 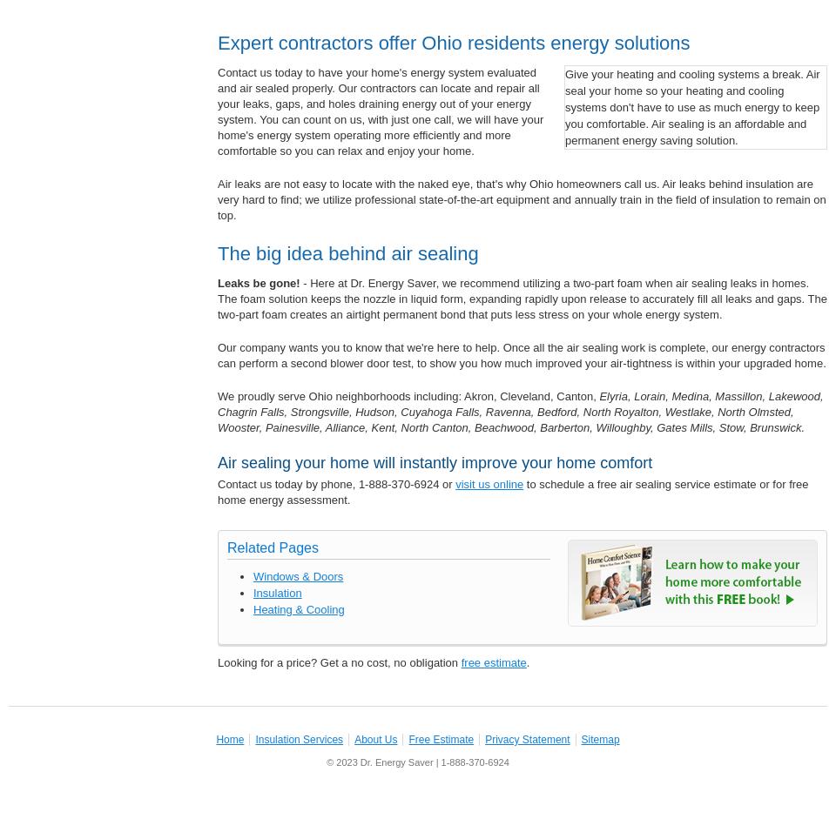 I want to click on 'Air sealing your home will instantly improve your home comfort', so click(x=434, y=463).